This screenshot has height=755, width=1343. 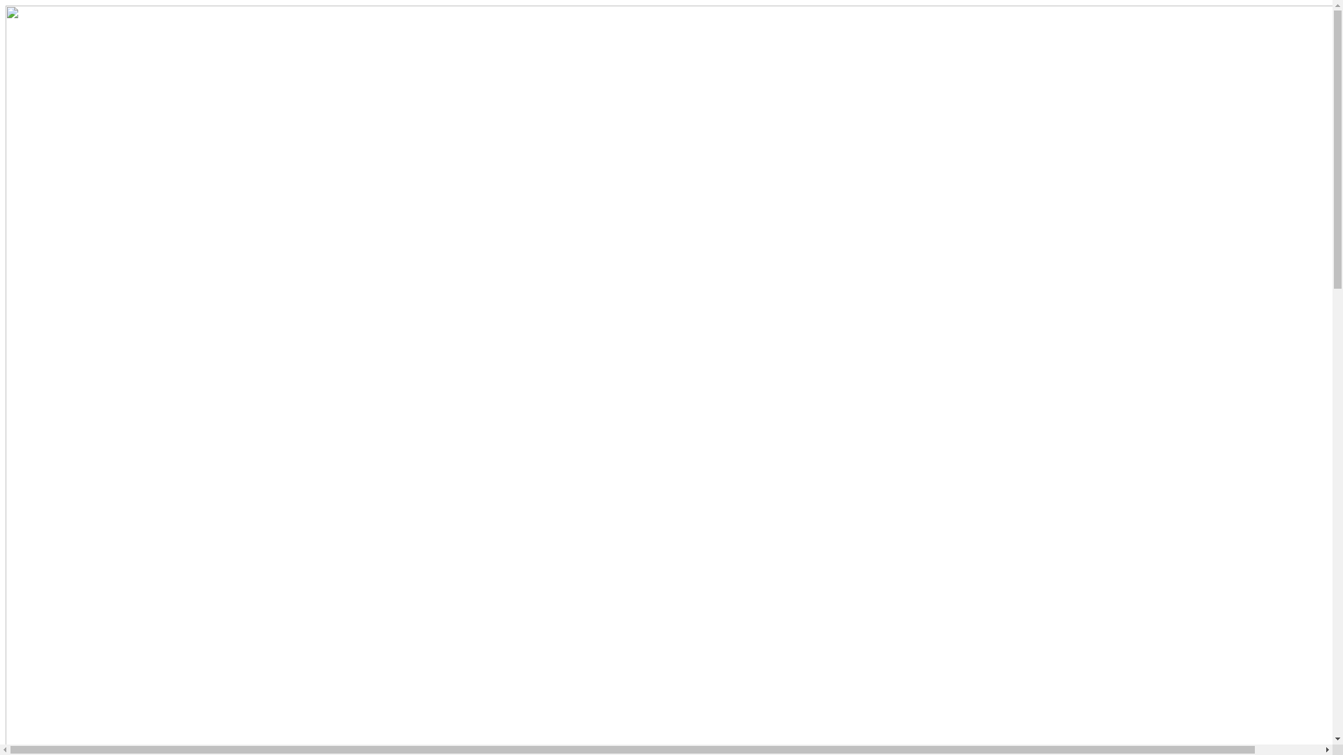 I want to click on 'Skip to content', so click(x=5, y=5).